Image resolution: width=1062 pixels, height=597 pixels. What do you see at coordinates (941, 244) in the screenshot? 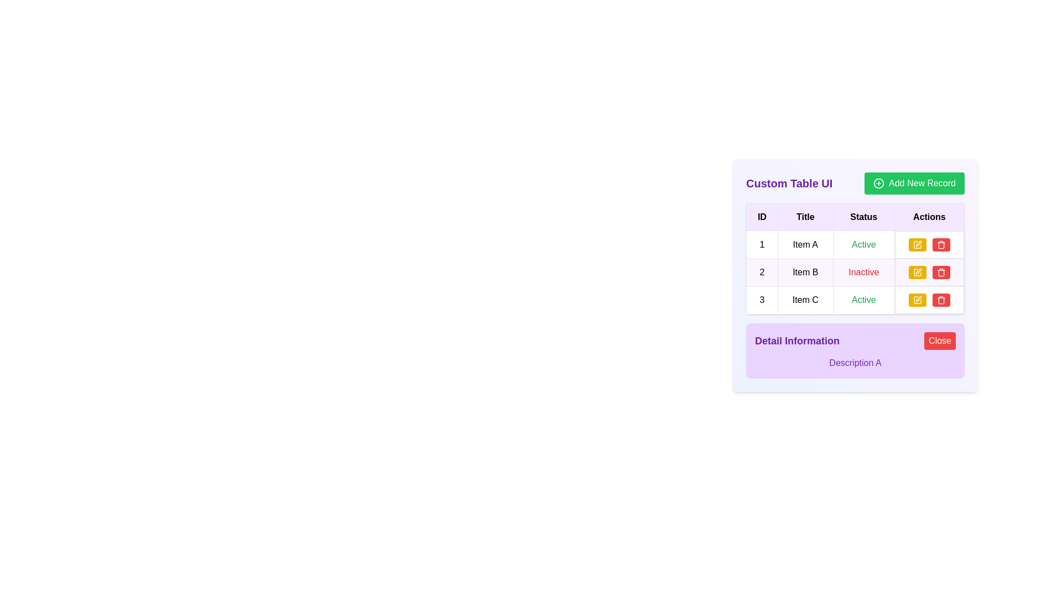
I see `the delete button located in the bottom-most row of the table's 'Actions' column, which is the second button next to the yellow edit button` at bounding box center [941, 244].